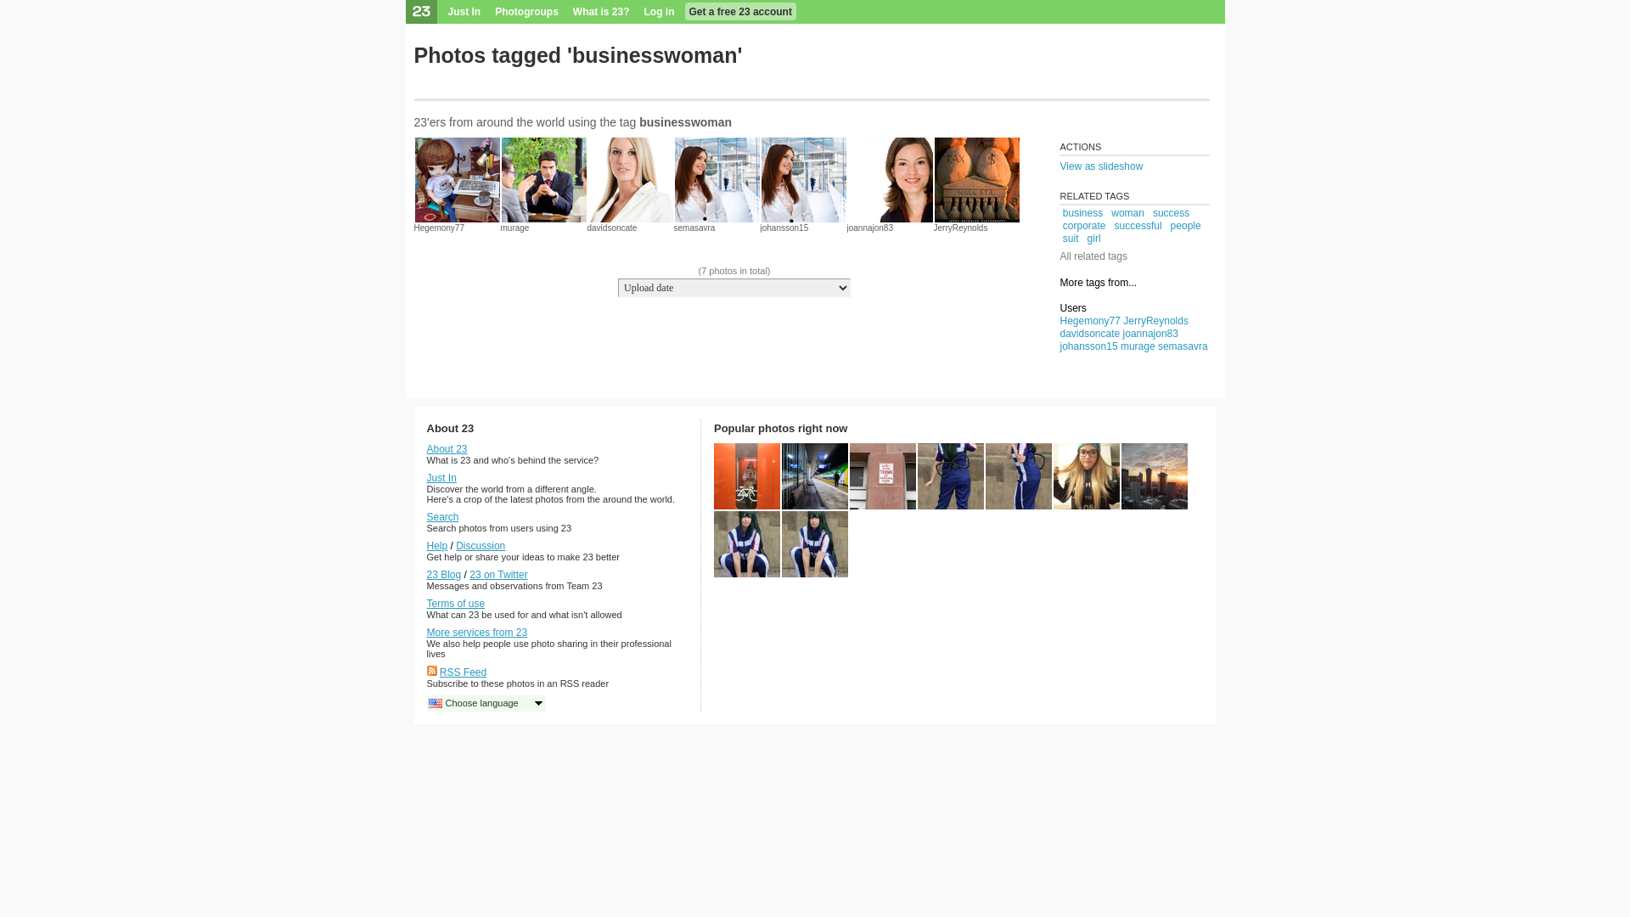 Image resolution: width=1630 pixels, height=917 pixels. Describe the element at coordinates (463, 671) in the screenshot. I see `'RSS Feed'` at that location.